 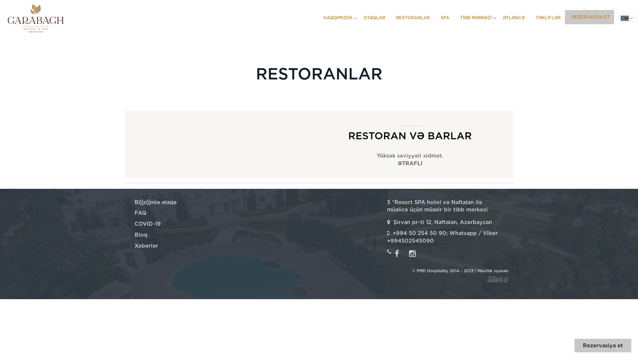 What do you see at coordinates (337, 18) in the screenshot?
I see `'HAQQIMIZDA'` at bounding box center [337, 18].